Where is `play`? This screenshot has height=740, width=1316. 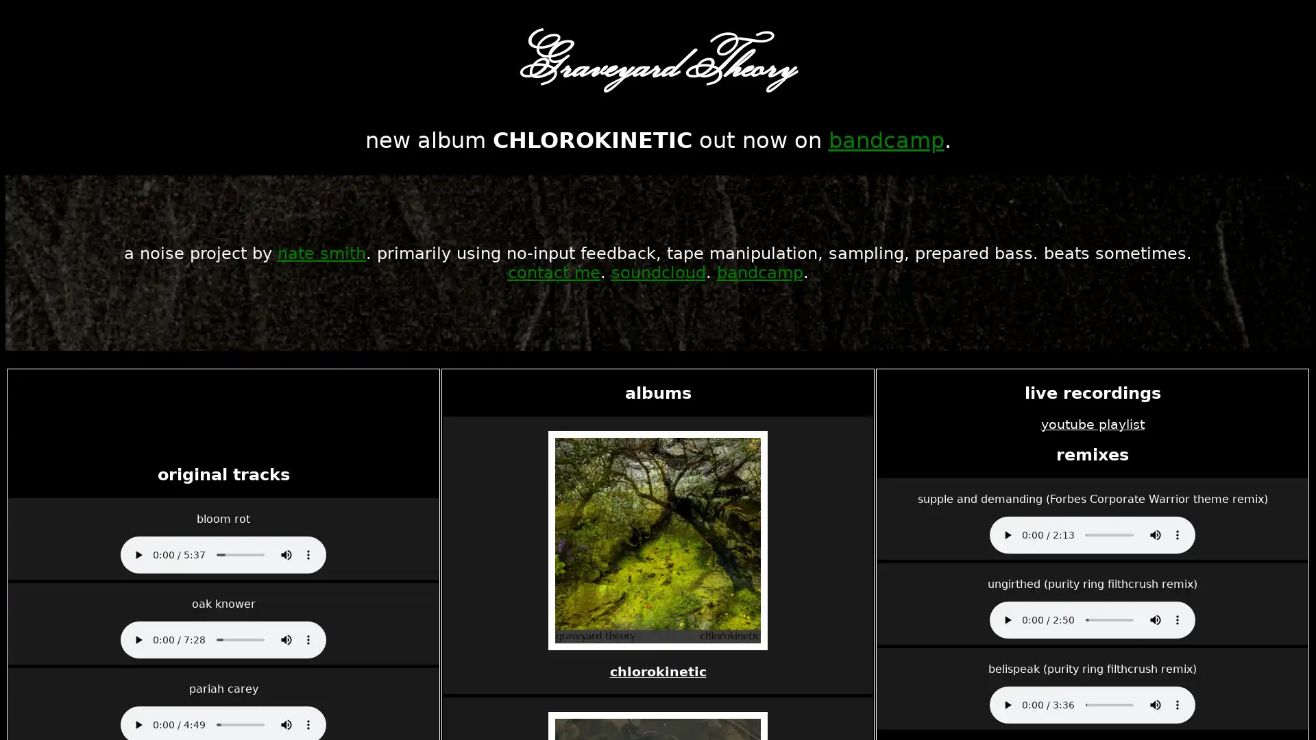
play is located at coordinates (1007, 705).